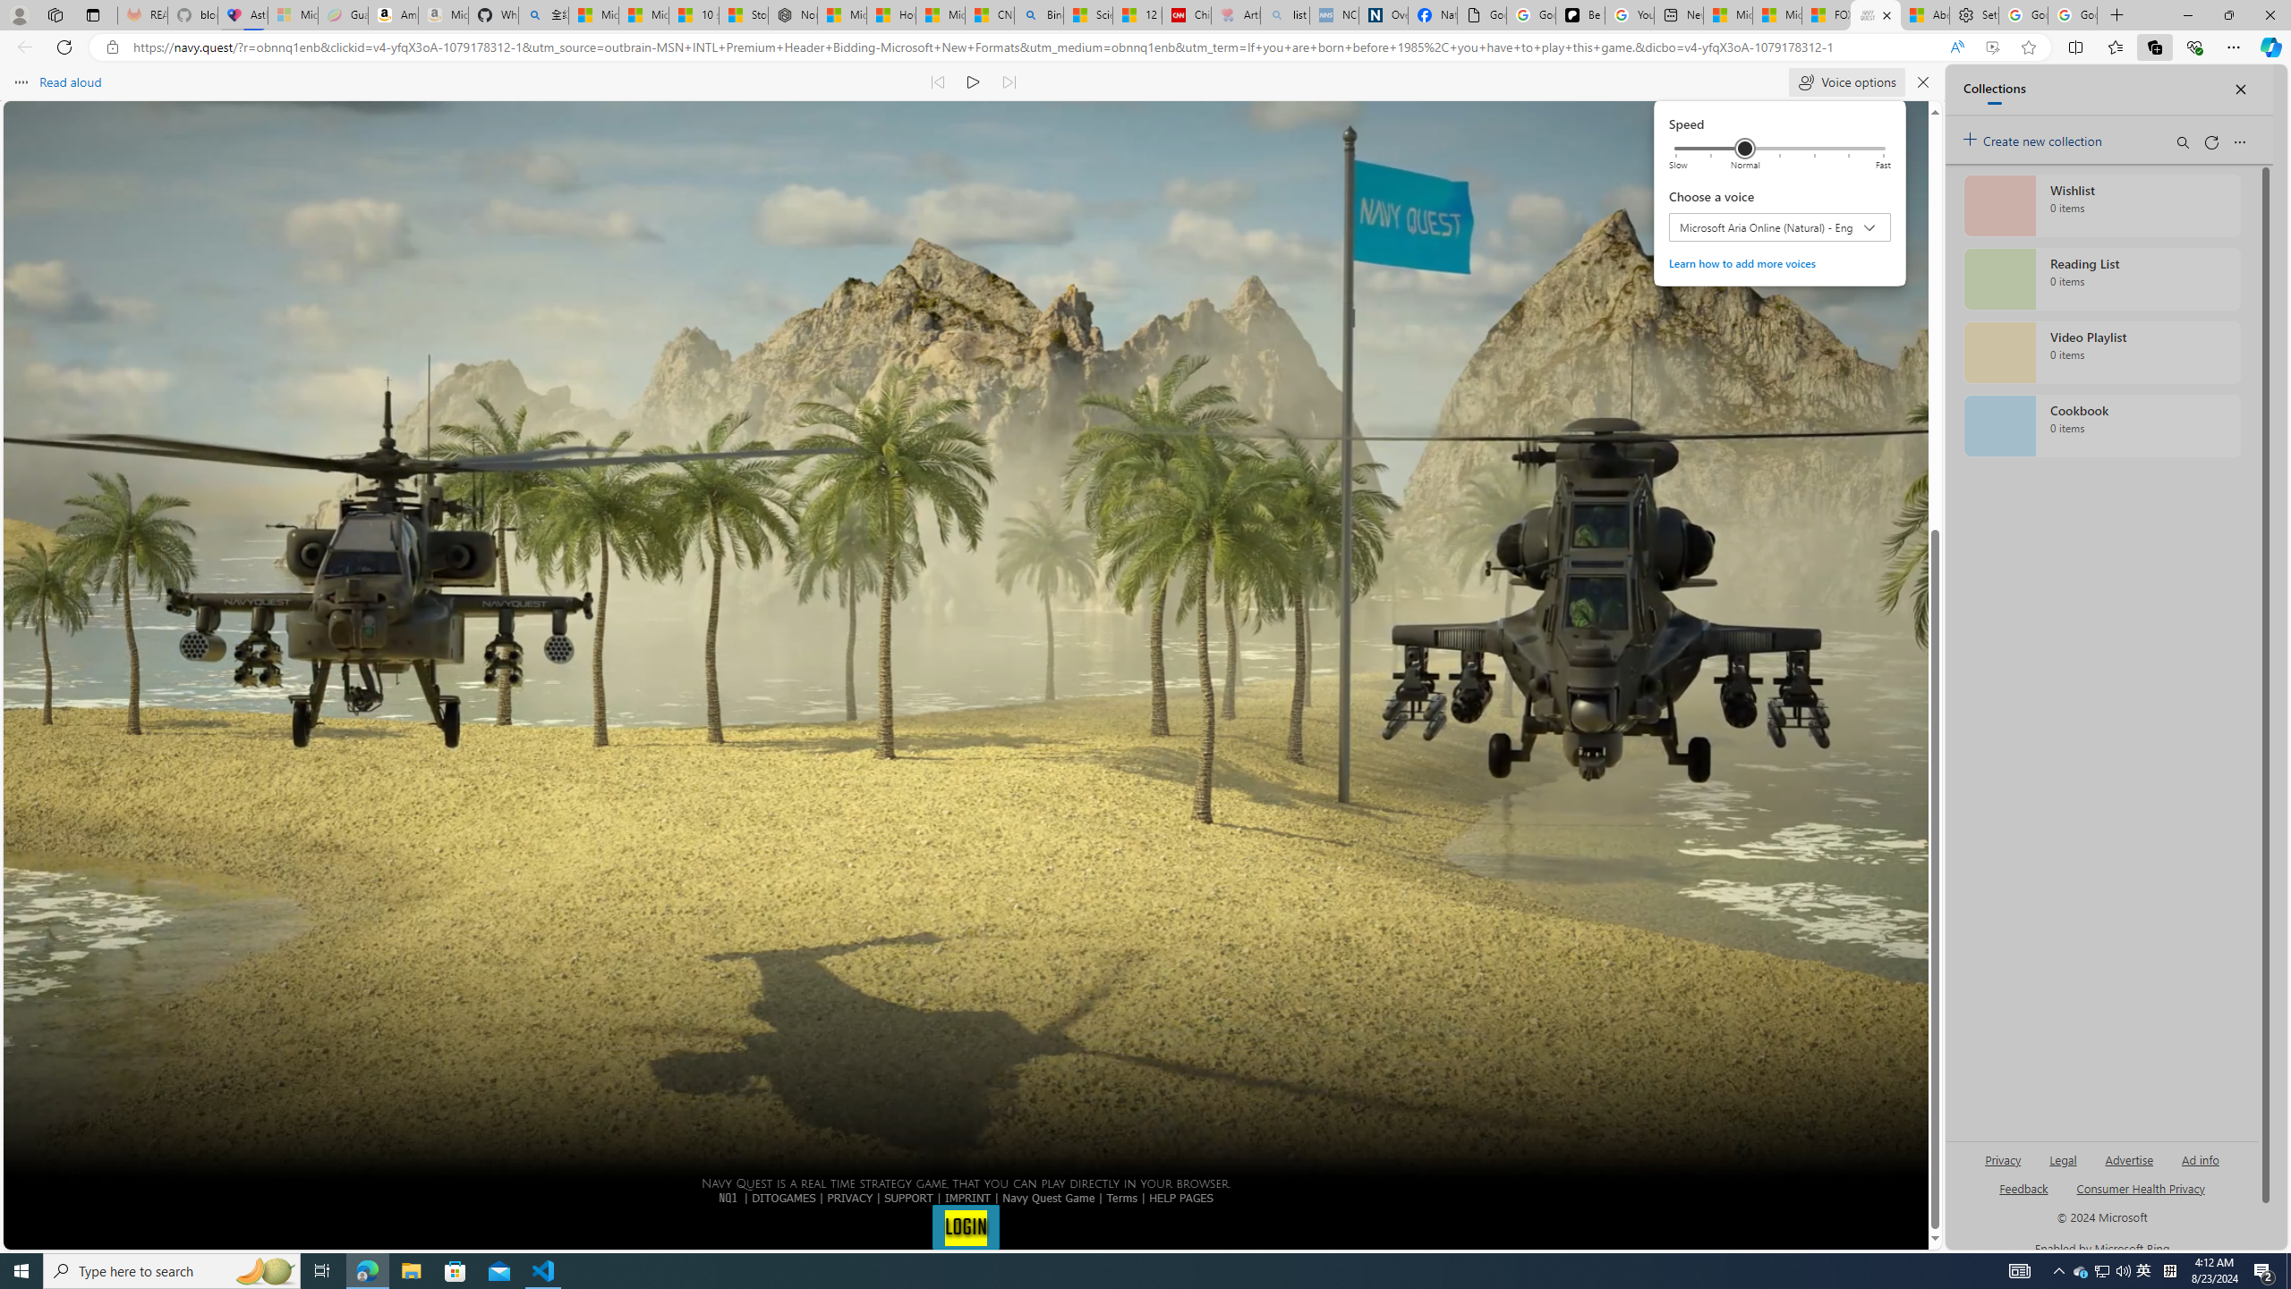 The width and height of the screenshot is (2291, 1289). I want to click on 'Nordace - Nordace Siena Is Not An Ordinary Backpack', so click(791, 14).